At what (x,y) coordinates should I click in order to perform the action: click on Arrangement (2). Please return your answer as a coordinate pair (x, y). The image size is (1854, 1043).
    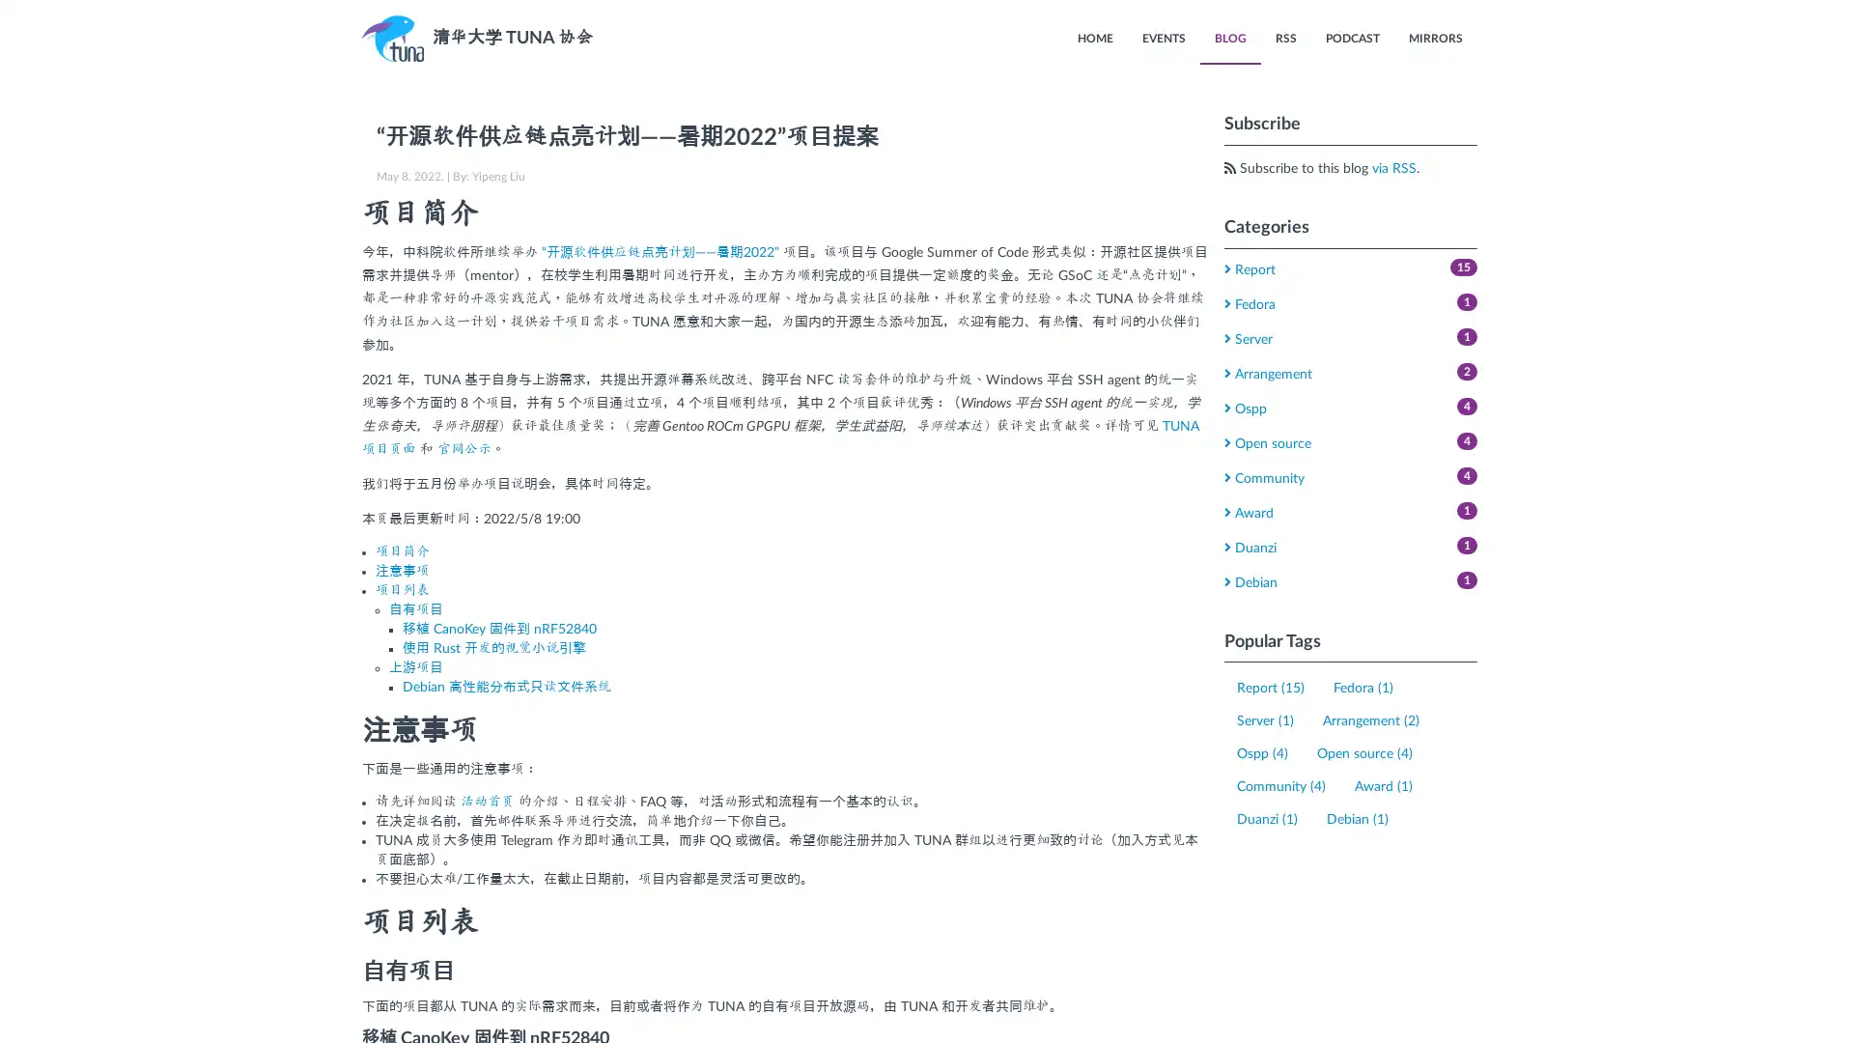
    Looking at the image, I should click on (1369, 721).